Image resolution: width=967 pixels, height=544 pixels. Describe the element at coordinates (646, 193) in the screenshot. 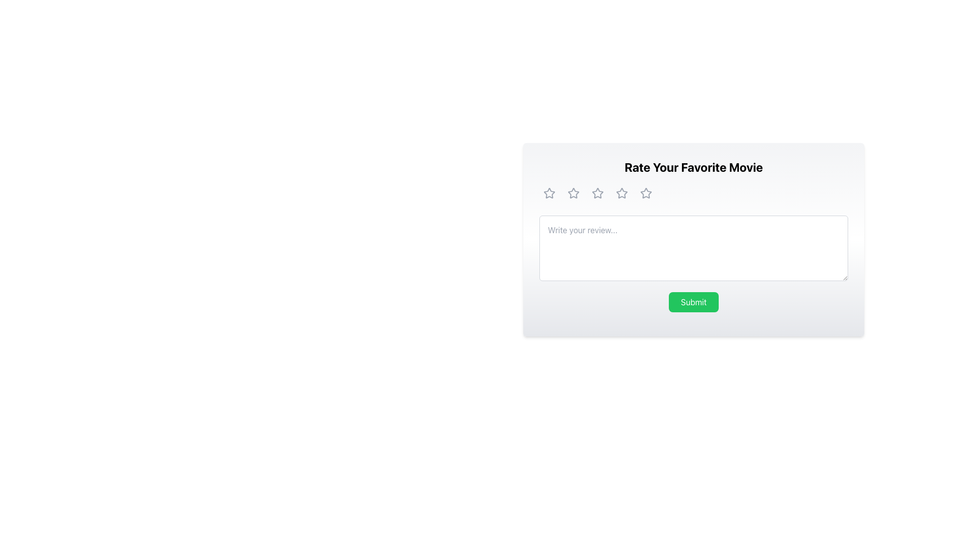

I see `the fourth star icon in the rating component` at that location.